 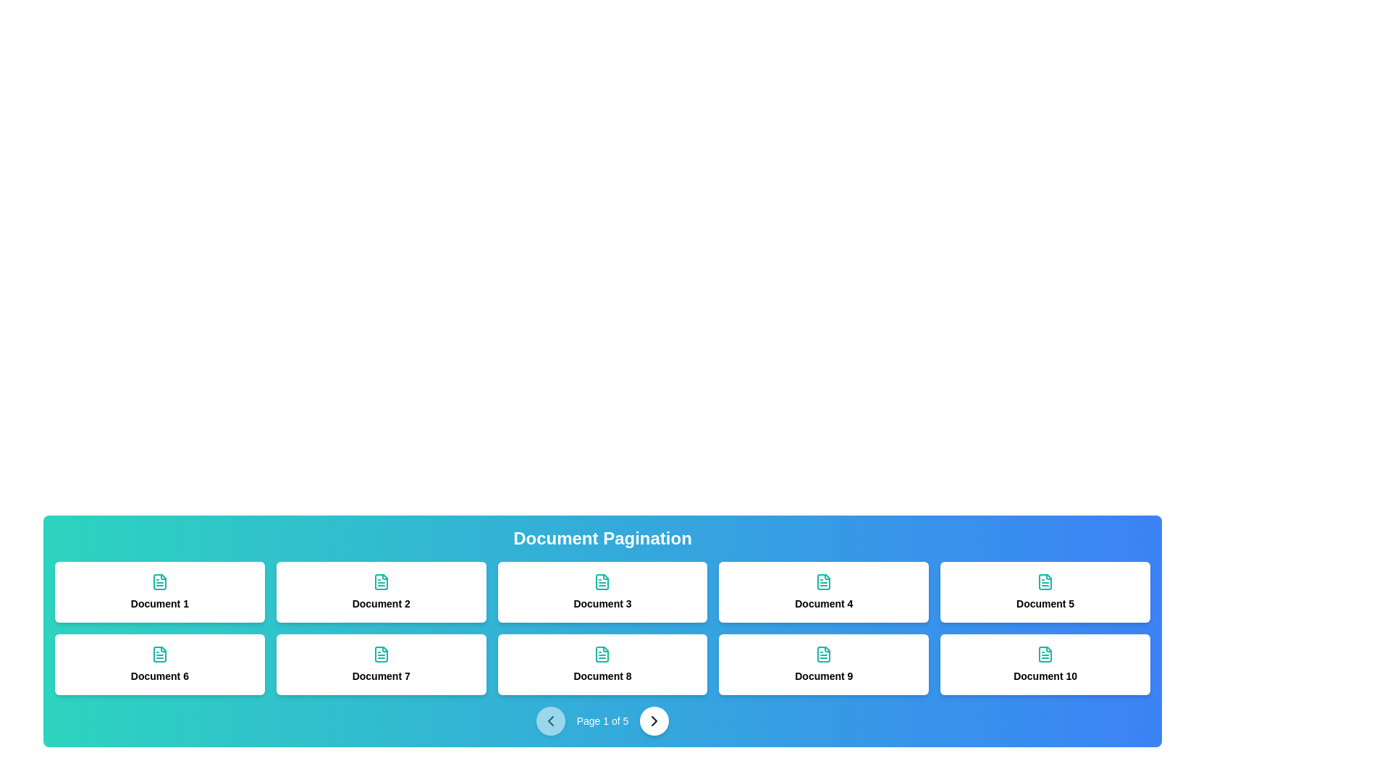 I want to click on the text label that reads 'Document Pagination', which is styled in bold, white, enlarged text and is centered at the top of the pagination section, so click(x=602, y=539).